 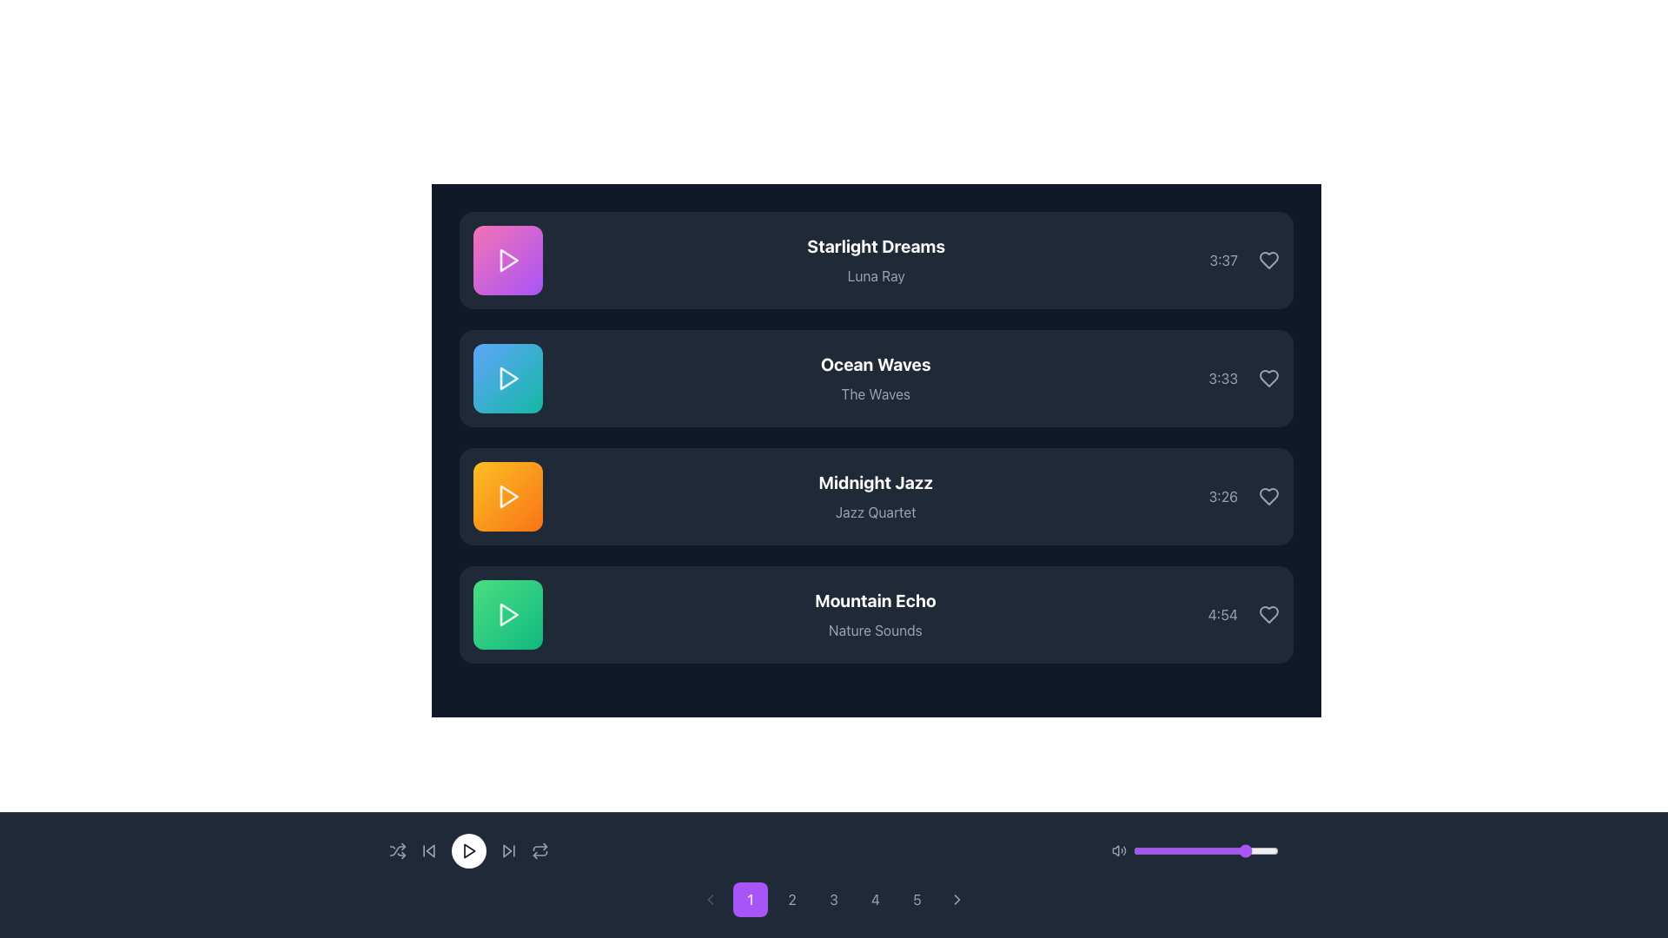 What do you see at coordinates (751, 899) in the screenshot?
I see `the circular button with a purple background displaying the number '1'` at bounding box center [751, 899].